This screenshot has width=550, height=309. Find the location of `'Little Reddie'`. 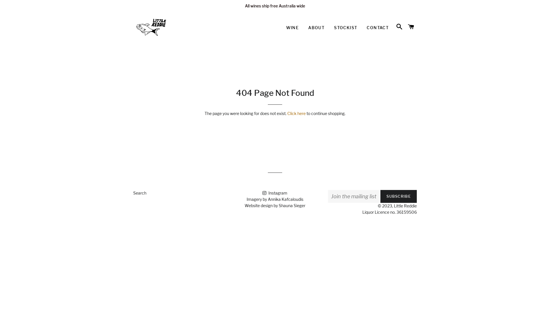

'Little Reddie' is located at coordinates (405, 205).